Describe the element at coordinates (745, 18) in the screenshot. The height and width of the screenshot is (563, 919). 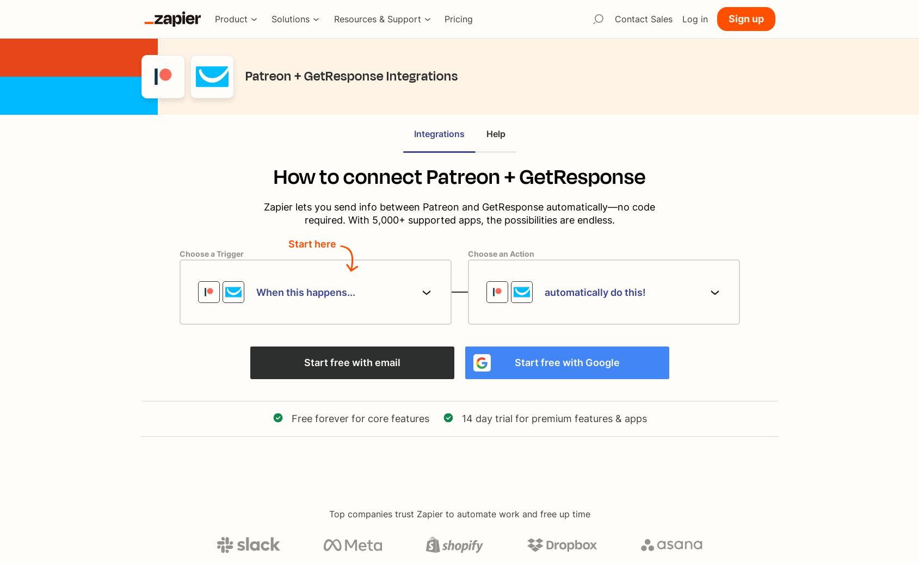
I see `'Sign up'` at that location.